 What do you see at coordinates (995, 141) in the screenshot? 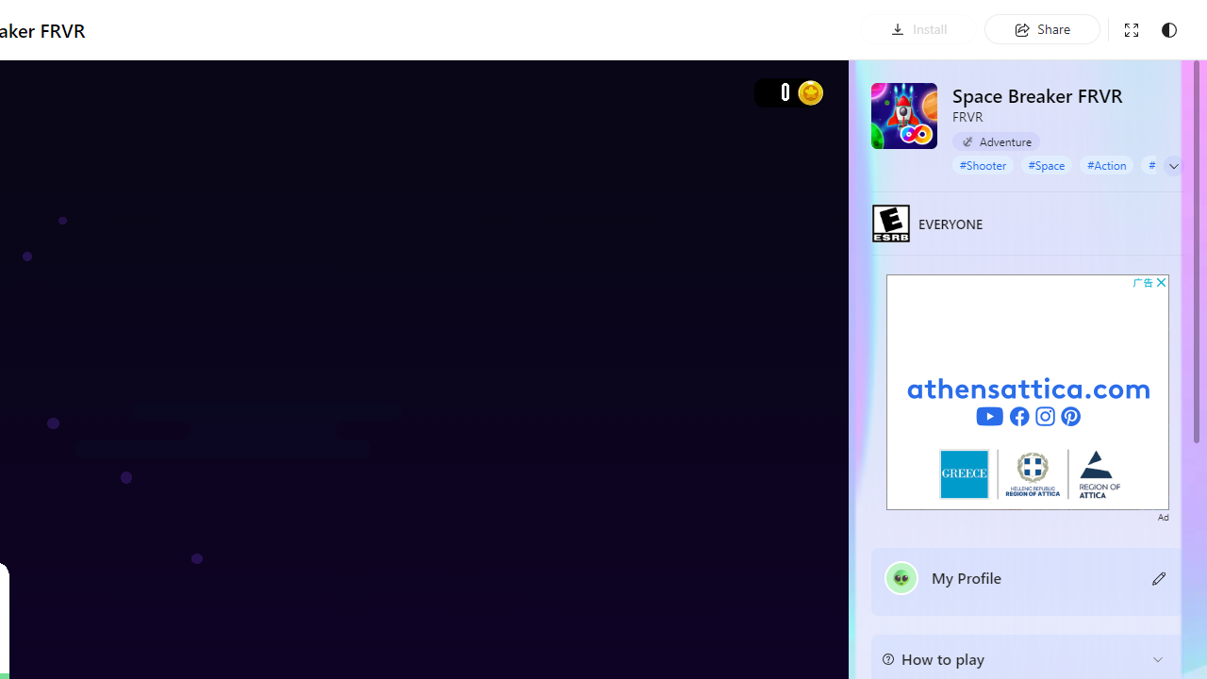
I see `'Adventure'` at bounding box center [995, 141].